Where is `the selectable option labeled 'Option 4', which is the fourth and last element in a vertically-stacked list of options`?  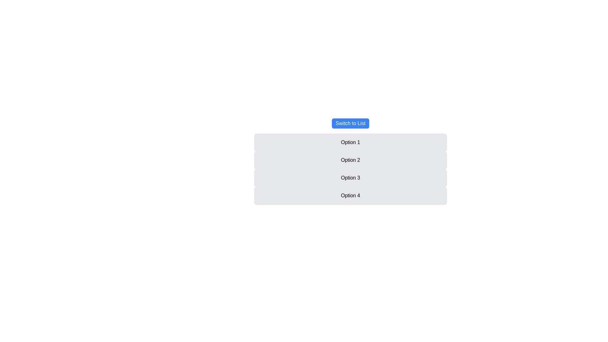 the selectable option labeled 'Option 4', which is the fourth and last element in a vertically-stacked list of options is located at coordinates (350, 195).